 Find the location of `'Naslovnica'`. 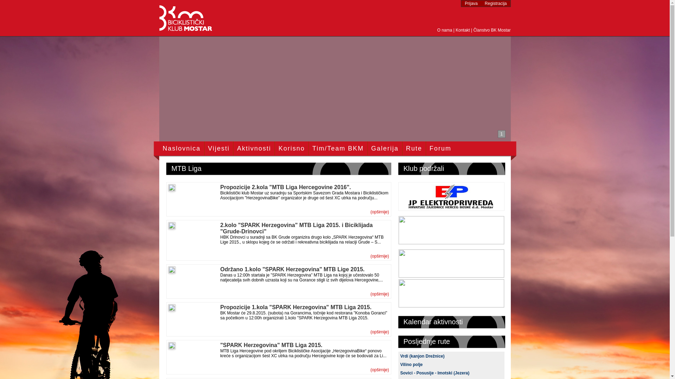

'Naslovnica' is located at coordinates (181, 148).